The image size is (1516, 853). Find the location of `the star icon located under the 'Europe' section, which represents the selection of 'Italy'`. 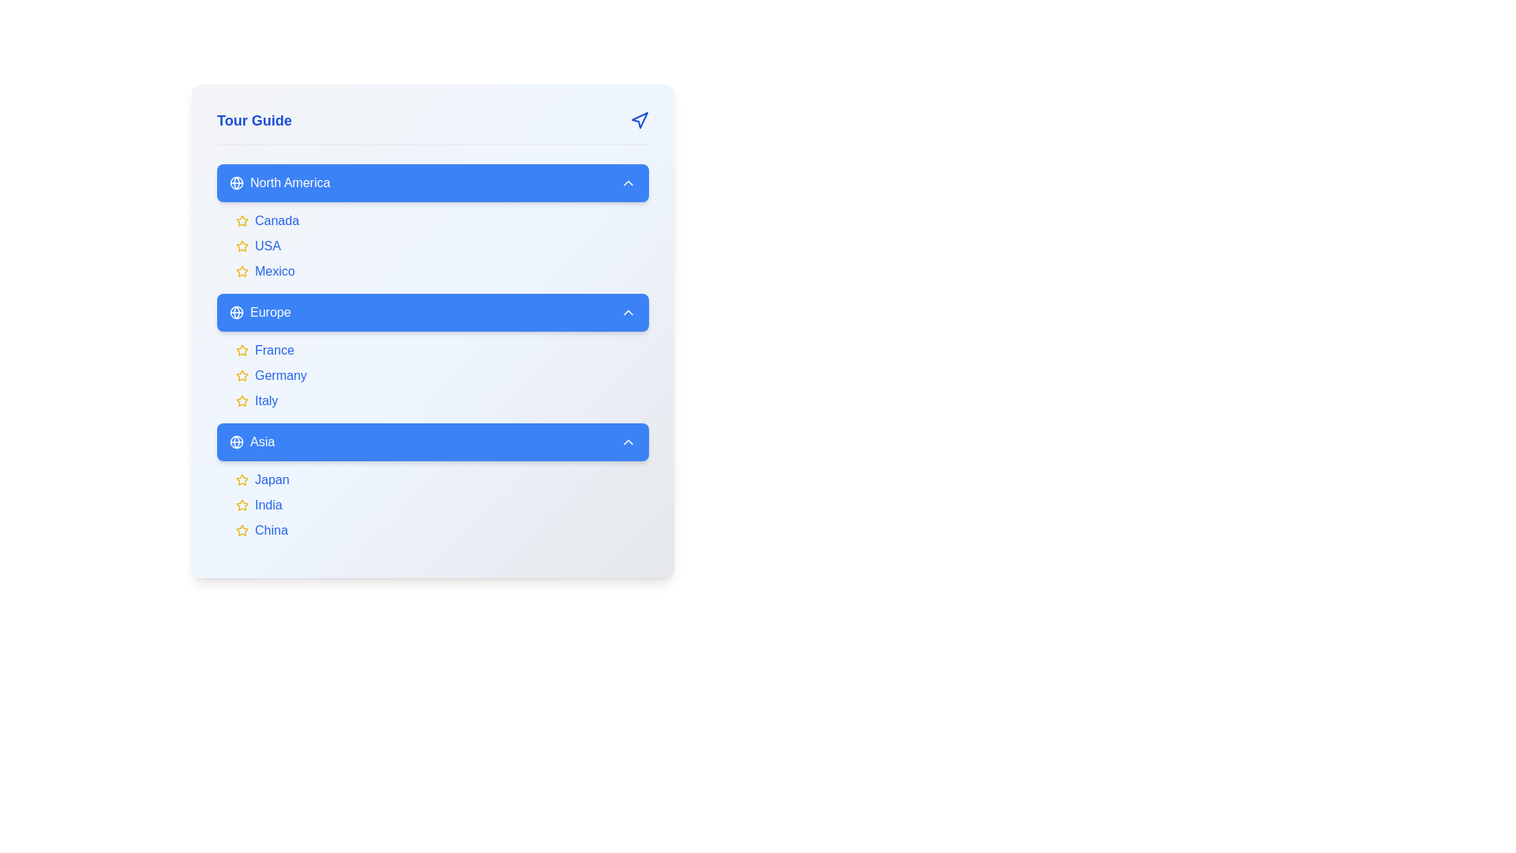

the star icon located under the 'Europe' section, which represents the selection of 'Italy' is located at coordinates (242, 400).